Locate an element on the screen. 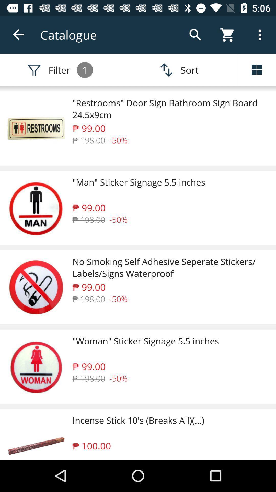 This screenshot has height=492, width=276. more options is located at coordinates (257, 70).